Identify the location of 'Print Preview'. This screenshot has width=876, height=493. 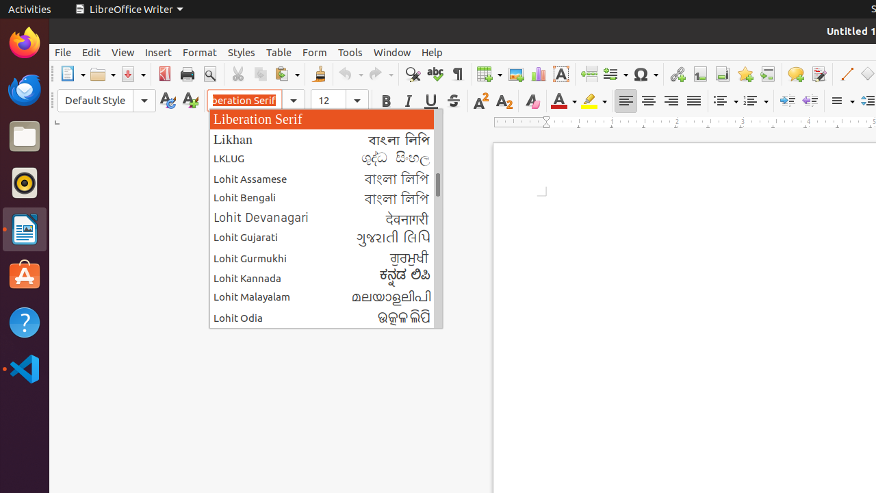
(209, 74).